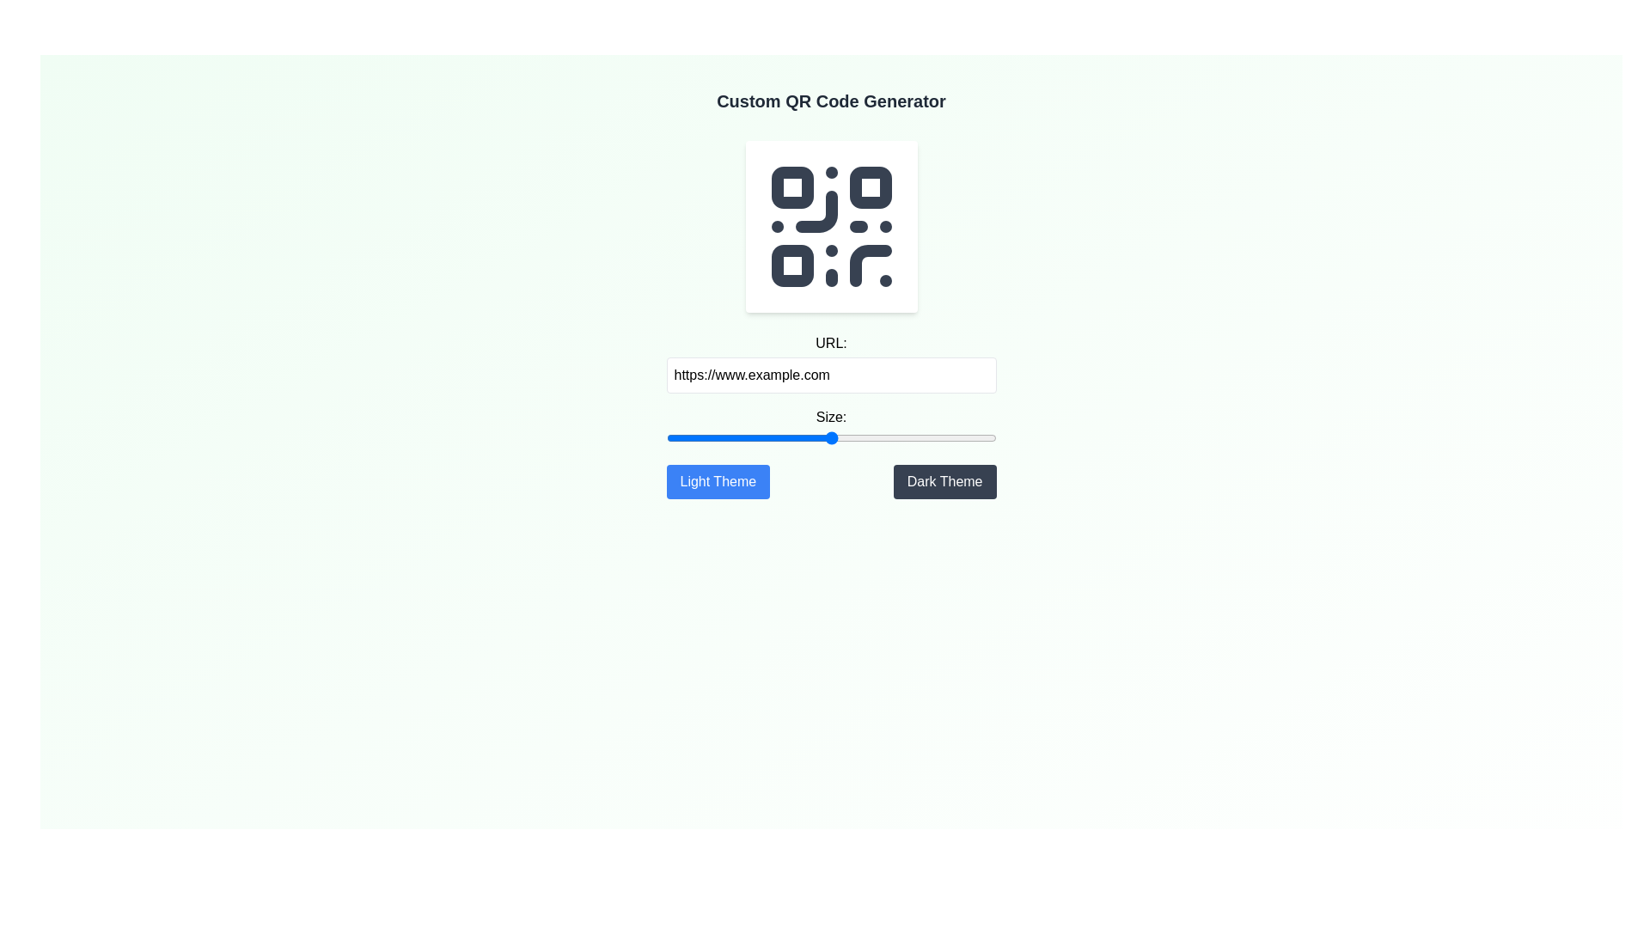 This screenshot has height=928, width=1650. Describe the element at coordinates (769, 437) in the screenshot. I see `the slider value` at that location.